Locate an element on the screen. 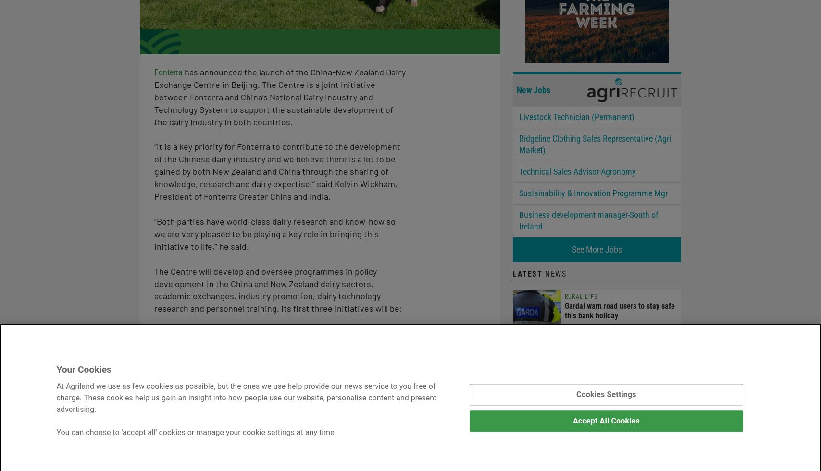  'Wang Yuchan, a scientist with the China Ministry of Agriculture’s National Dairy Industry and Technology System said:' is located at coordinates (277, 438).